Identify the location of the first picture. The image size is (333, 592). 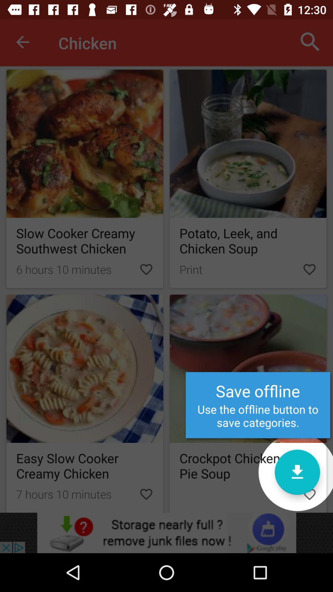
(85, 179).